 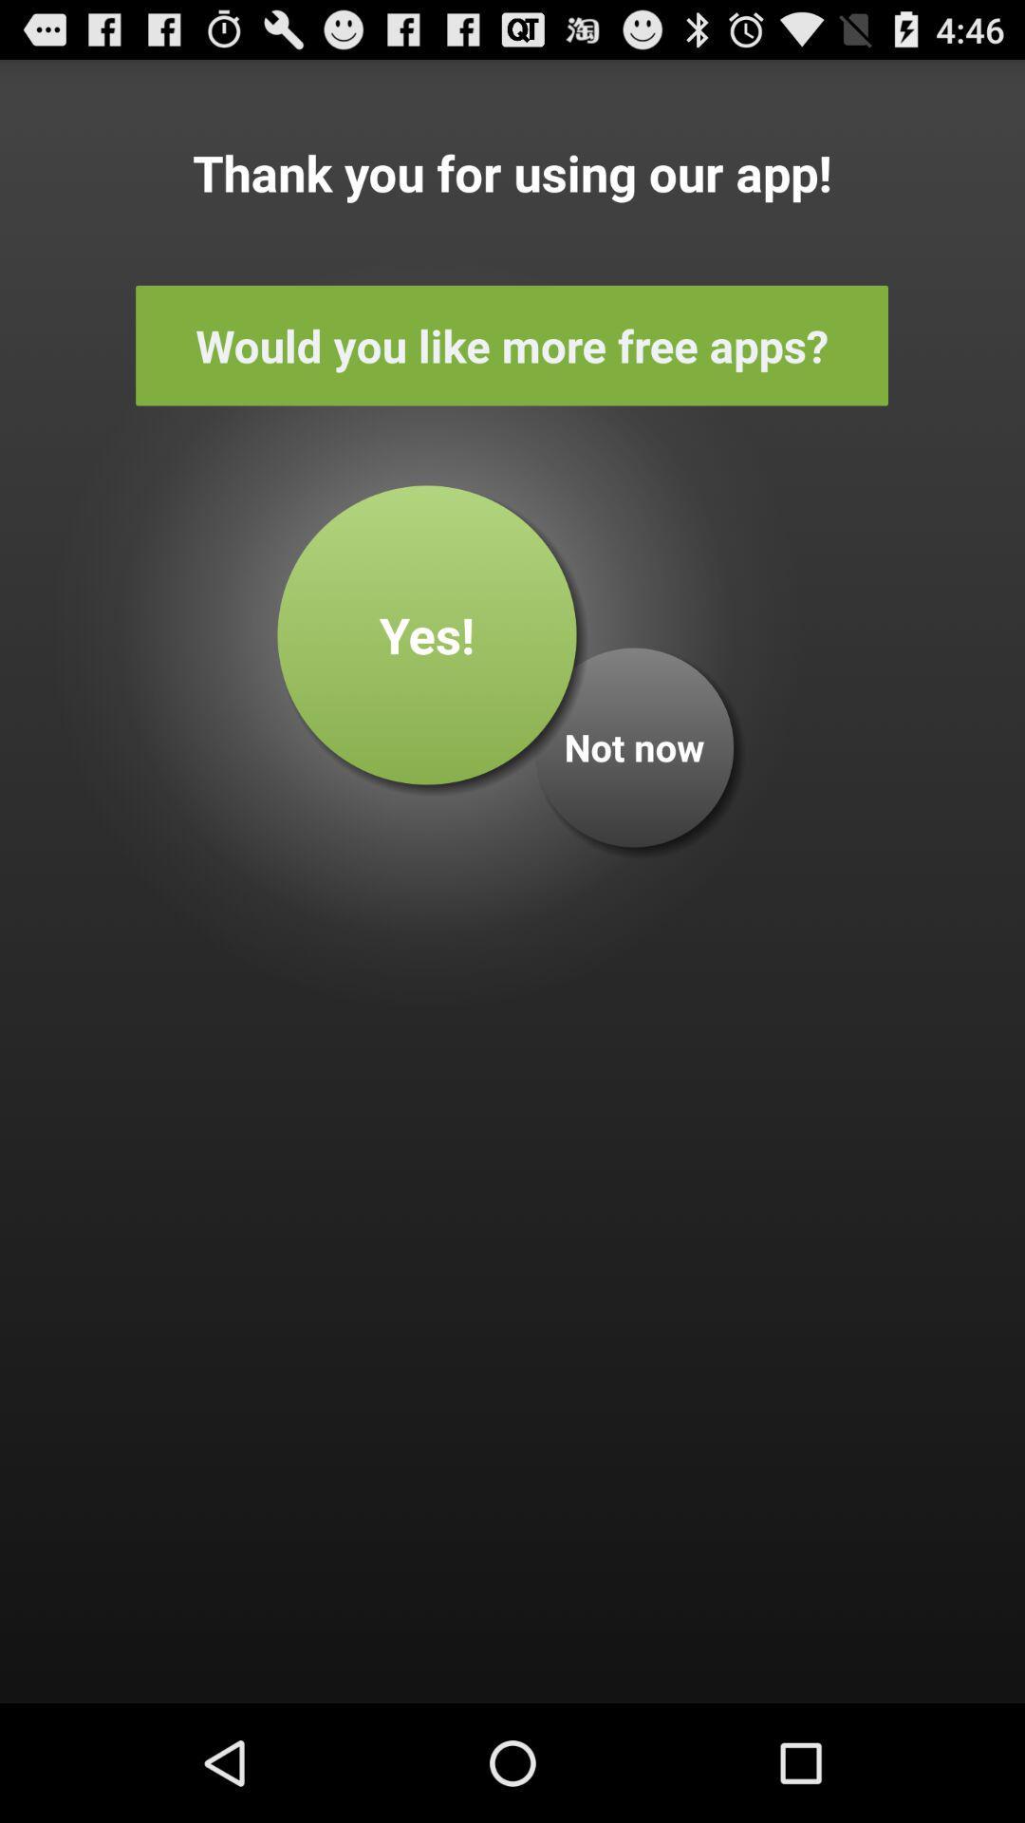 I want to click on the not now icon, so click(x=634, y=746).